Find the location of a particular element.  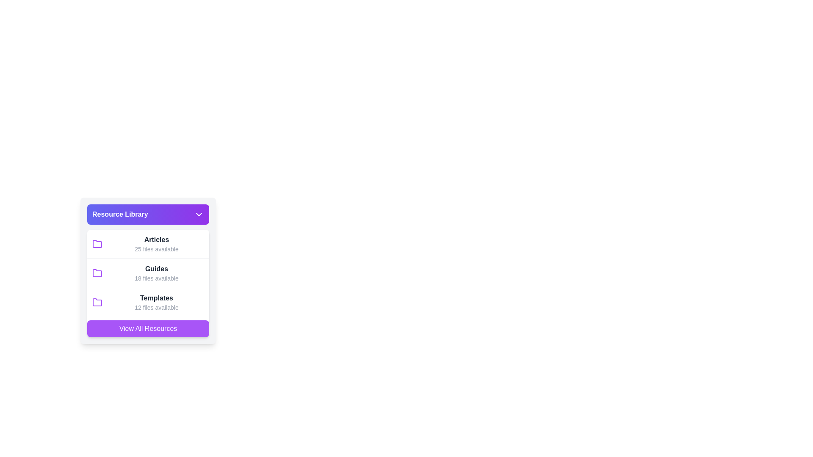

the third row in the vertical list labeled 'Templates' is located at coordinates (148, 301).